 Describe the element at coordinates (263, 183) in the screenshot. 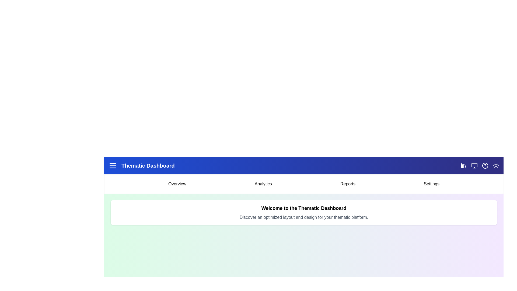

I see `the menu item Analytics from the menu bar` at that location.